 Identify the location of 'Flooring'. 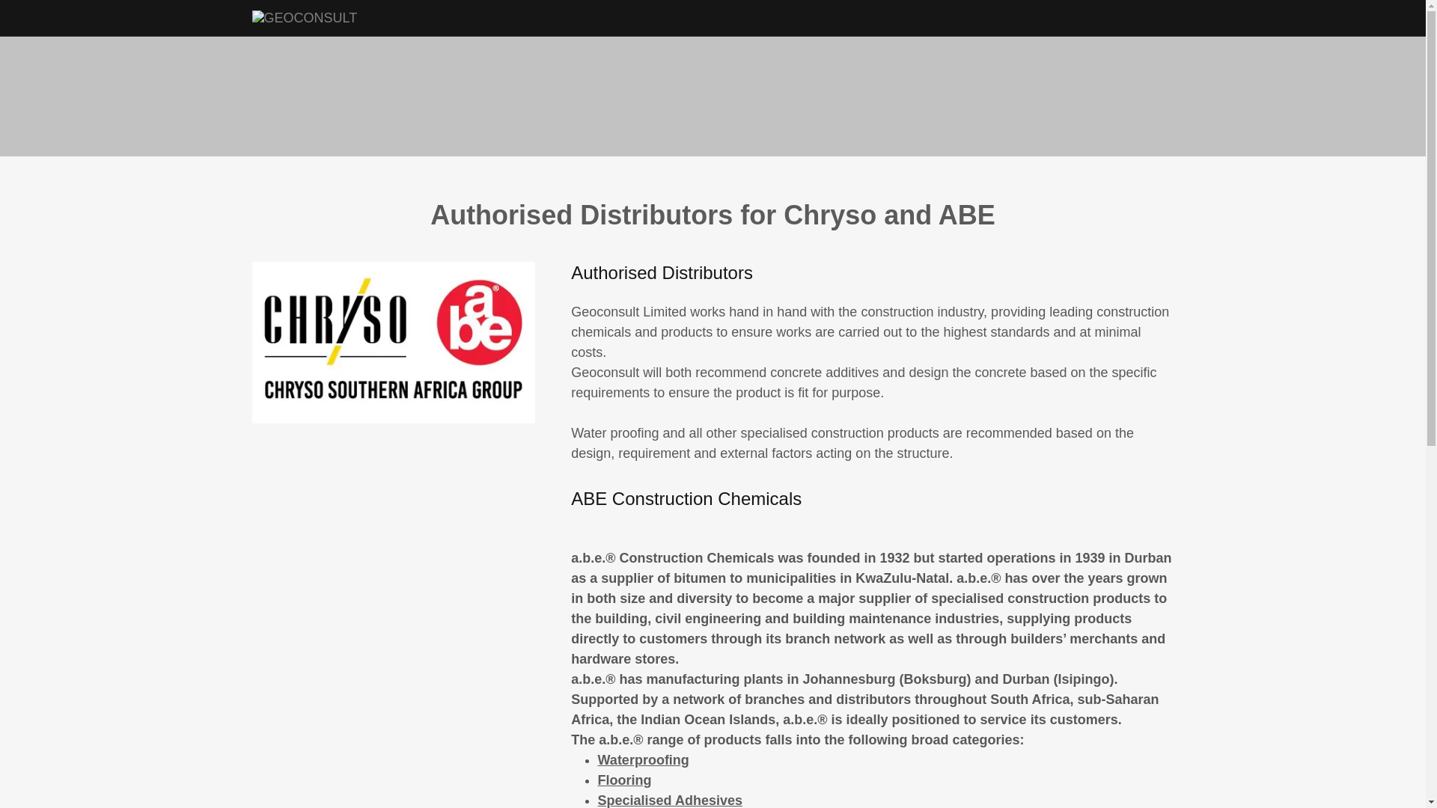
(625, 779).